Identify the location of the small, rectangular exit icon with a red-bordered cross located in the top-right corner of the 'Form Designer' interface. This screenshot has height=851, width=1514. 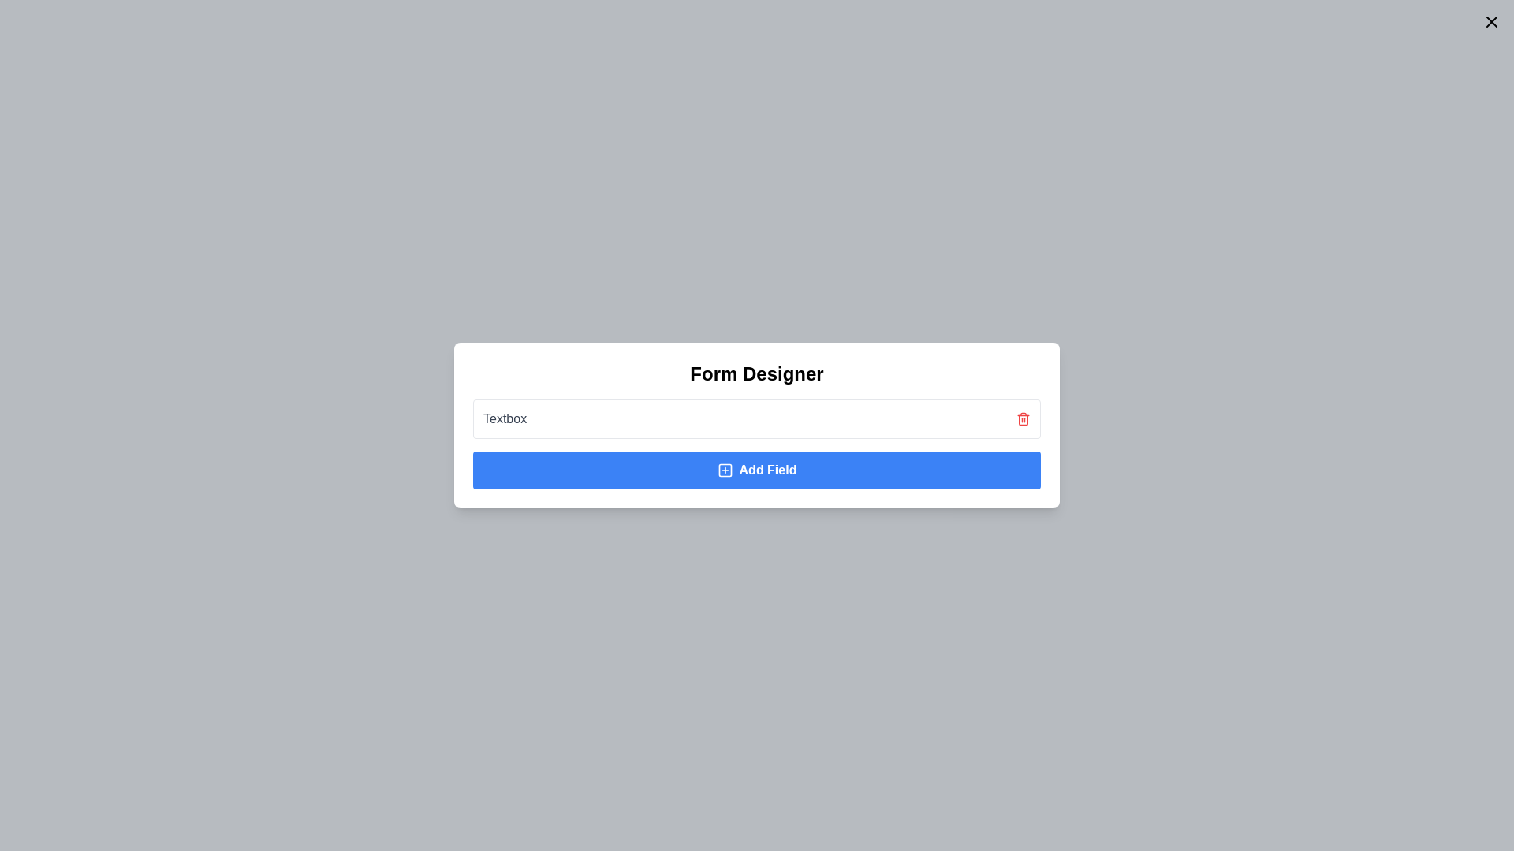
(1490, 21).